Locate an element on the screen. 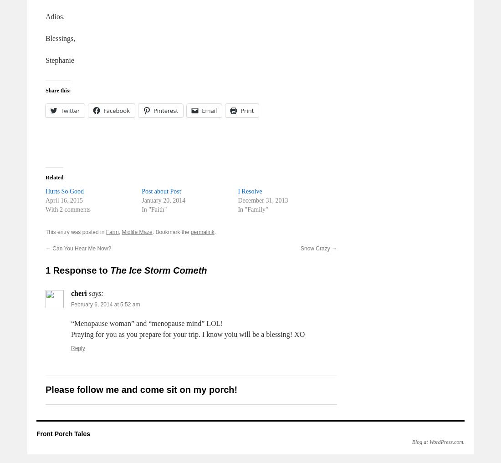 This screenshot has height=463, width=501. 'Twitter' is located at coordinates (60, 110).